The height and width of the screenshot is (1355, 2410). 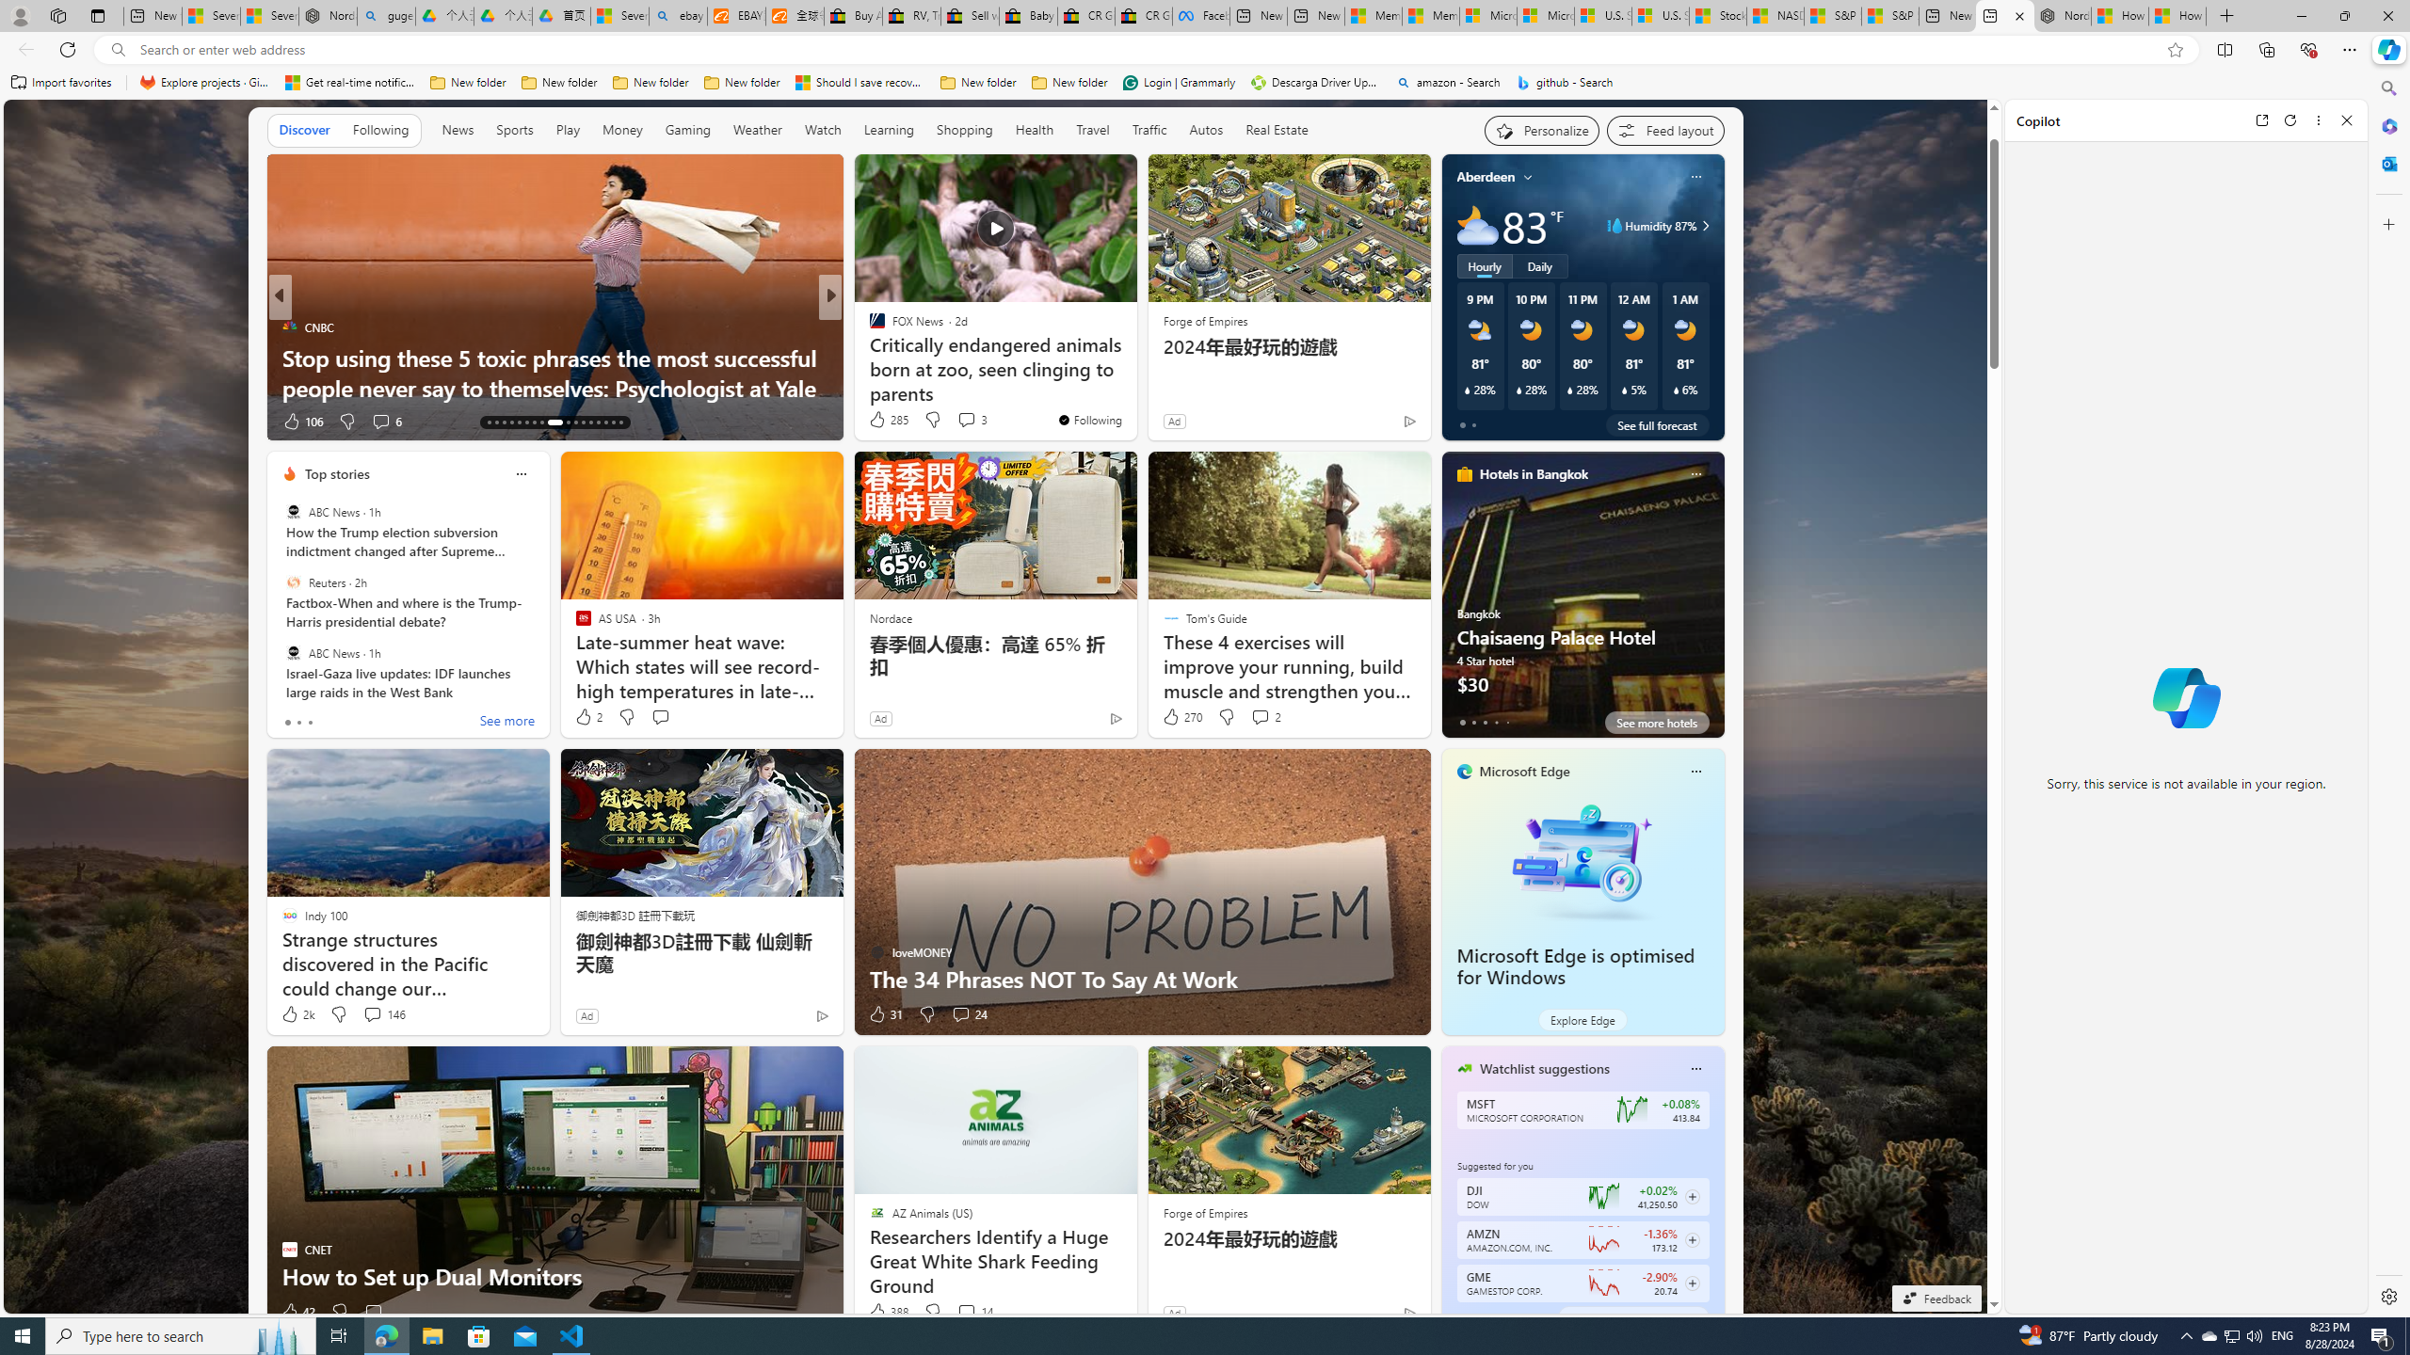 What do you see at coordinates (878, 421) in the screenshot?
I see `'22 Like'` at bounding box center [878, 421].